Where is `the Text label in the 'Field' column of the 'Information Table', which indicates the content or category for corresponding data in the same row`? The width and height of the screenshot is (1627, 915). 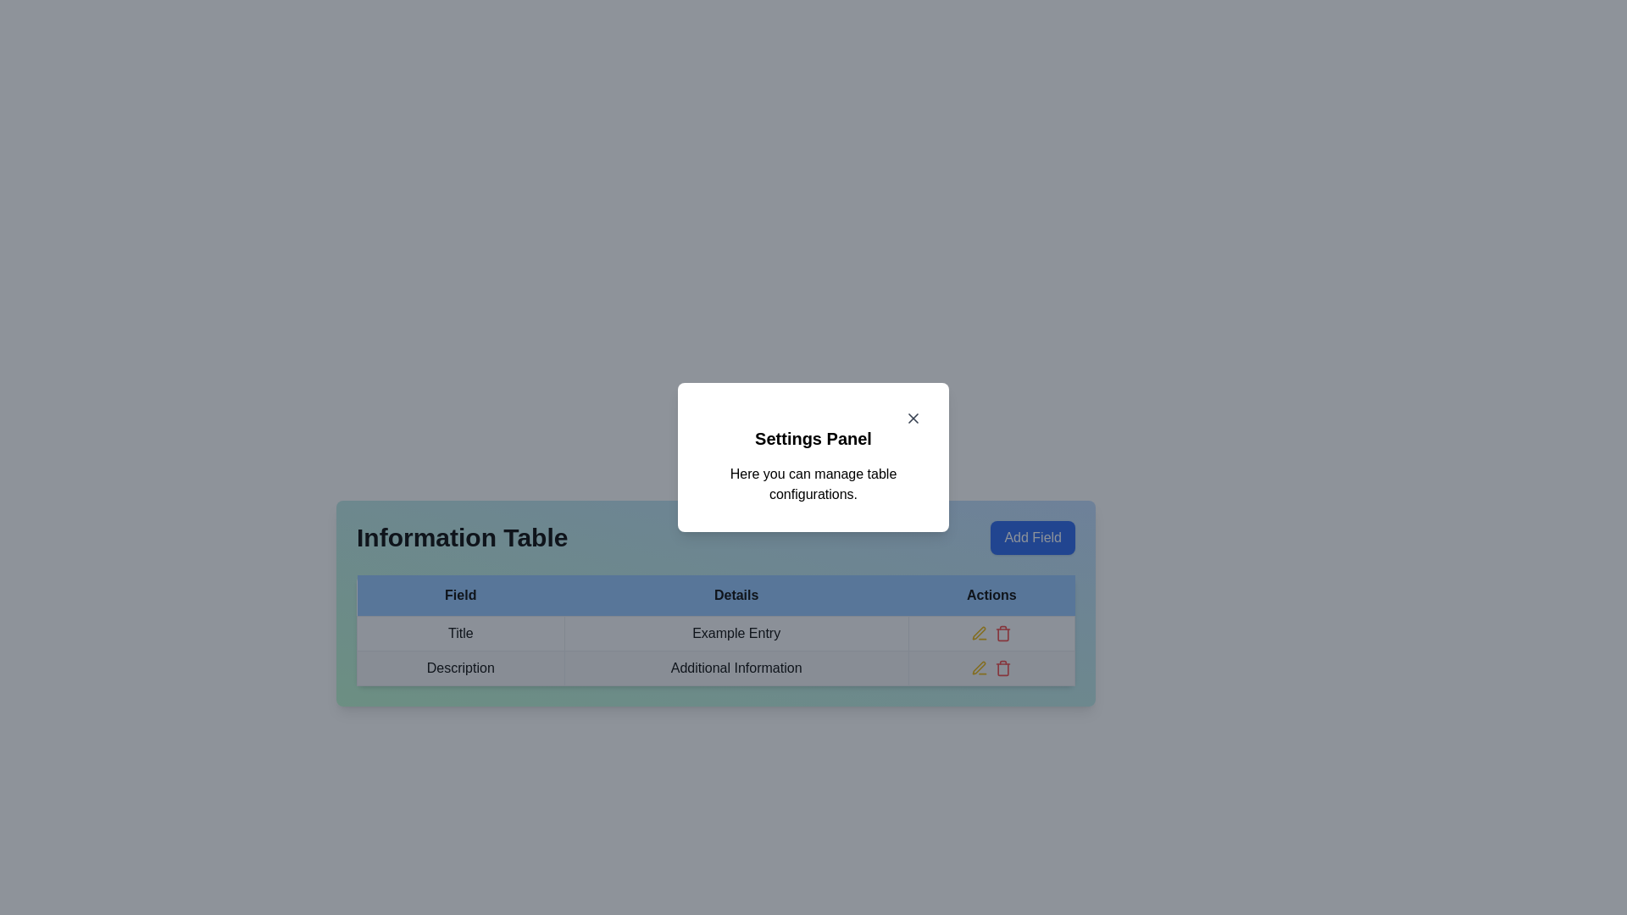 the Text label in the 'Field' column of the 'Information Table', which indicates the content or category for corresponding data in the same row is located at coordinates (460, 668).